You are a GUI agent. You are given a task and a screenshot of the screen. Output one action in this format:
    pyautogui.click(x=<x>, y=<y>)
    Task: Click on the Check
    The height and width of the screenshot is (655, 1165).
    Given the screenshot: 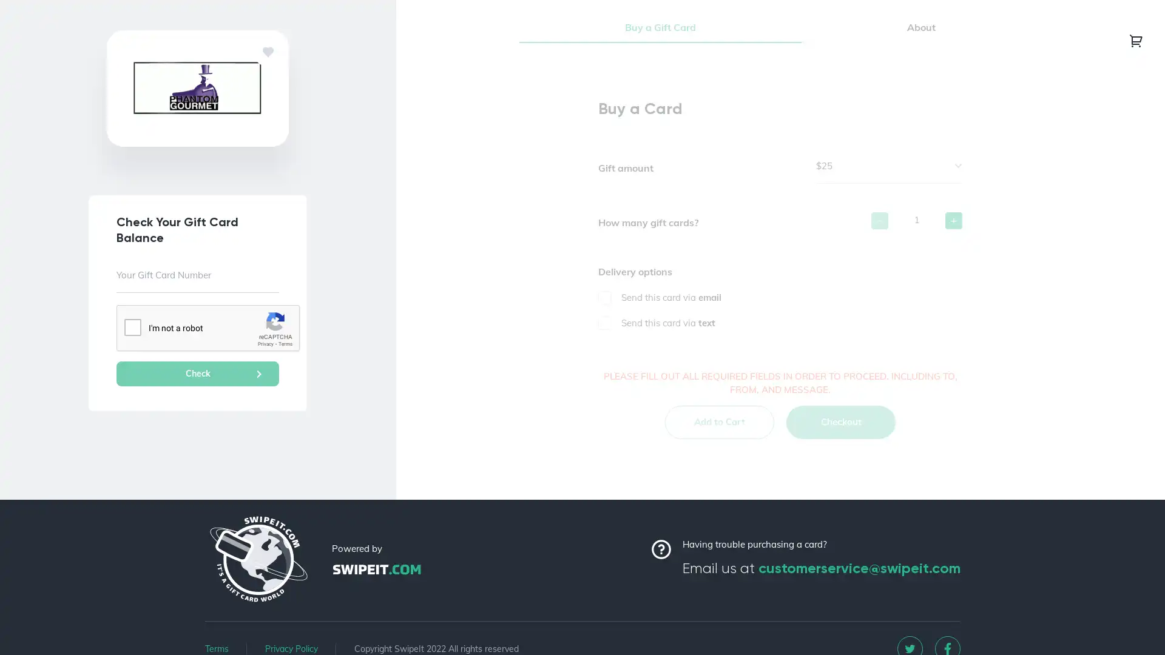 What is the action you would take?
    pyautogui.click(x=198, y=373)
    